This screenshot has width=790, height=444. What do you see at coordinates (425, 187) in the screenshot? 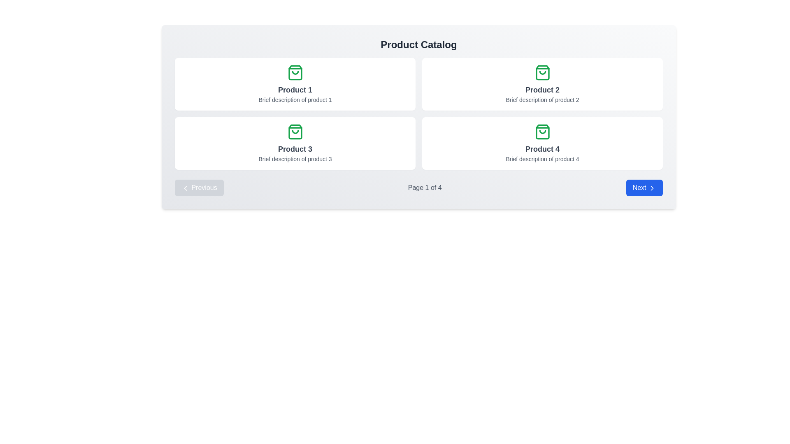
I see `the text label displaying 'Page 1 of 4' in gray color, which is located in the center of the navigation bar between the 'Previous' and 'Next' buttons` at bounding box center [425, 187].